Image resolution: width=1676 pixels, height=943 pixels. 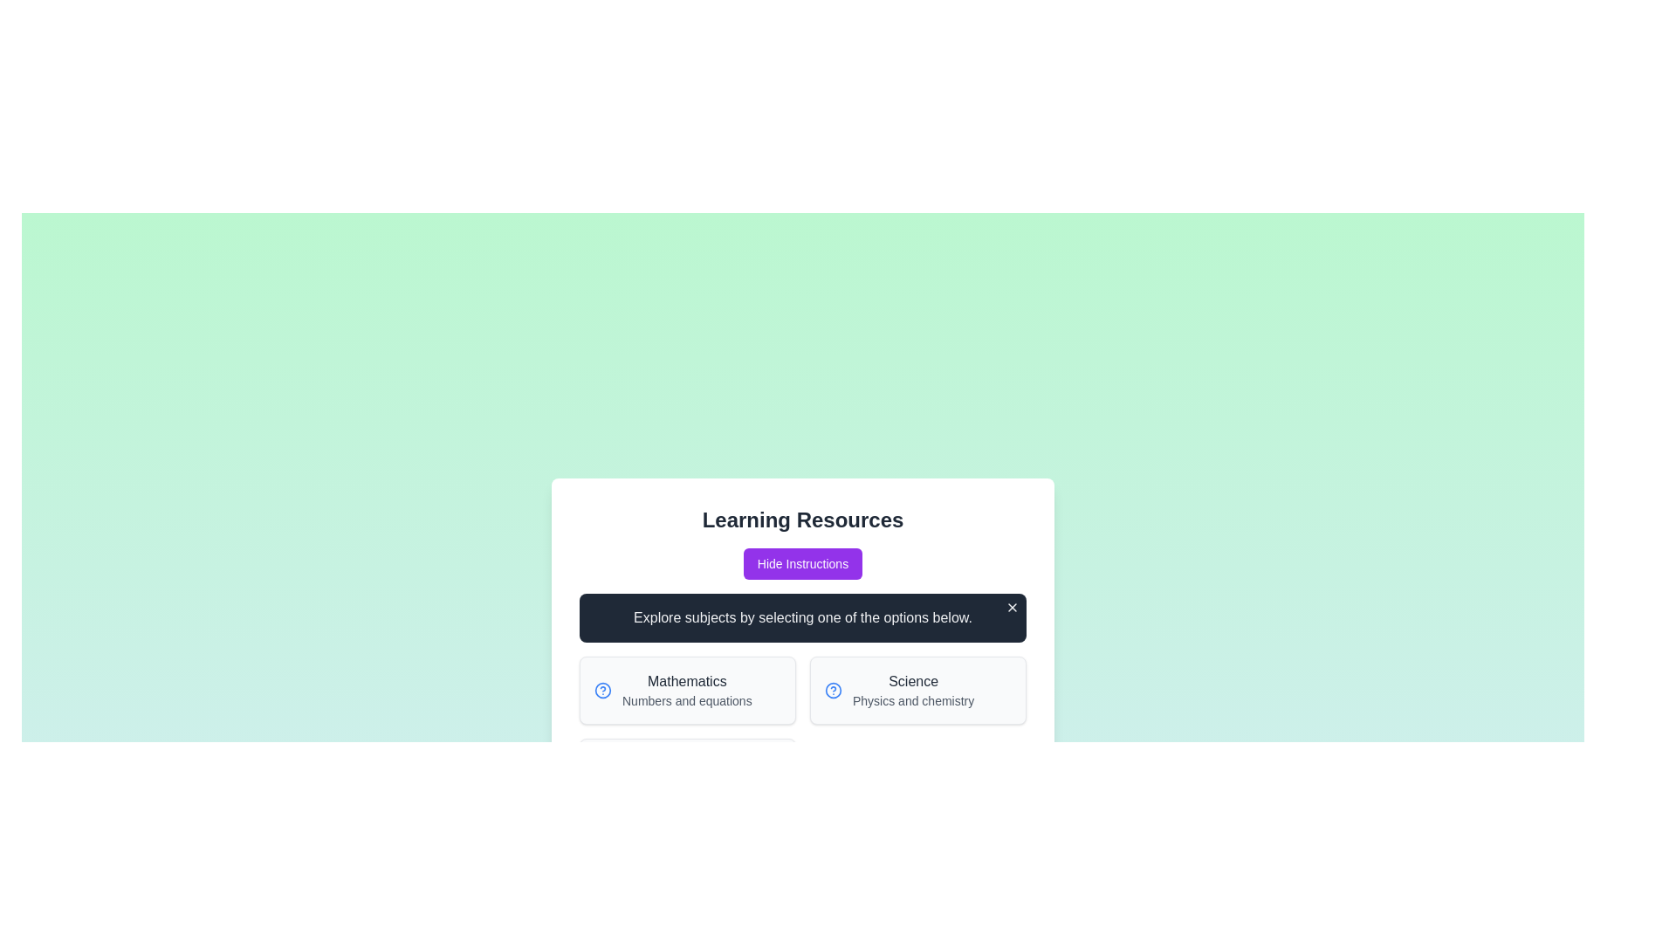 What do you see at coordinates (802, 617) in the screenshot?
I see `the instructional text label that is centrally positioned within the white card interface, located directly below the 'Hide Instructions' button and above the list of selectable subject categories` at bounding box center [802, 617].